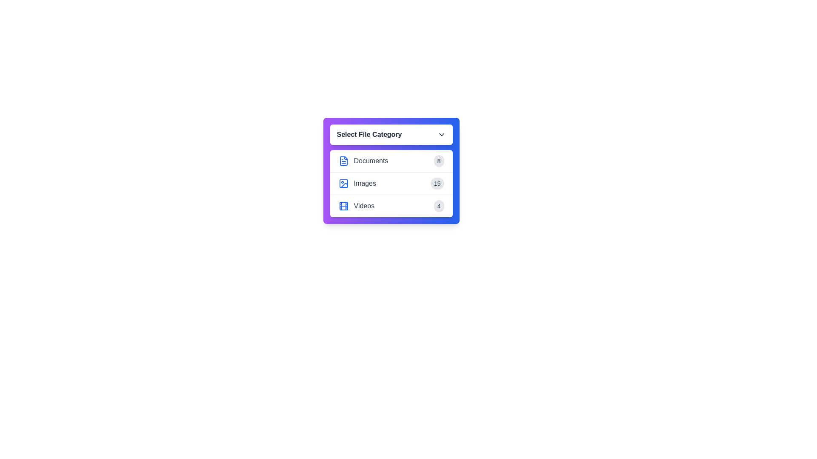  Describe the element at coordinates (364, 206) in the screenshot. I see `'Videos' category label located as the third option in the 'Select File Category' dropdown, positioned to the right of the video file icon` at that location.